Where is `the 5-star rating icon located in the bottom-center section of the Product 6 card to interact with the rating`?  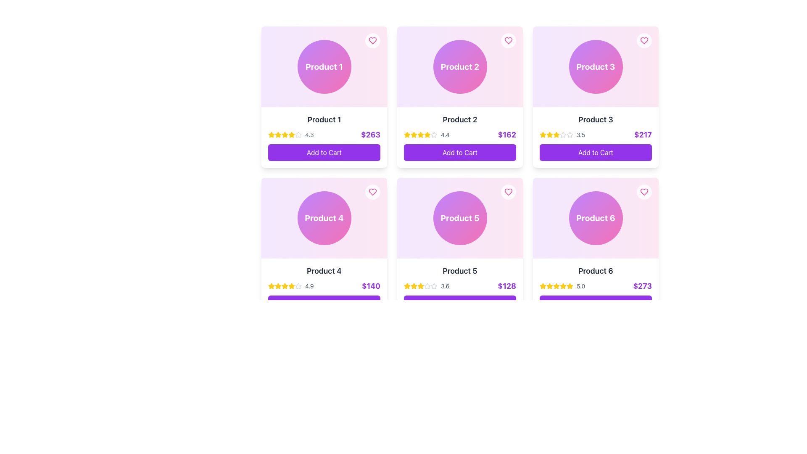
the 5-star rating icon located in the bottom-center section of the Product 6 card to interact with the rating is located at coordinates (556, 285).